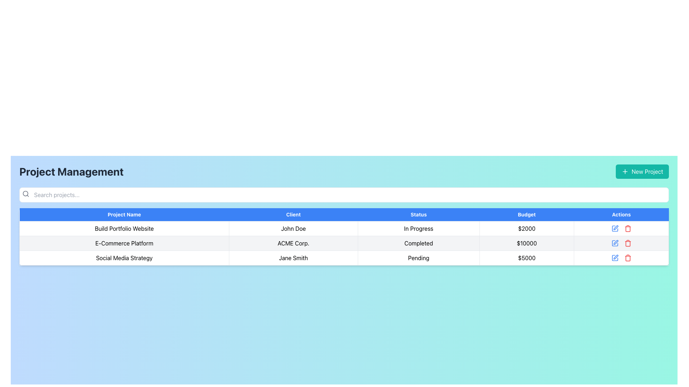 Image resolution: width=689 pixels, height=387 pixels. What do you see at coordinates (293, 258) in the screenshot?
I see `the table cell that represents the name of the client associated with the 'Social Media Strategy' project, located in the third row under the 'Client' column` at bounding box center [293, 258].